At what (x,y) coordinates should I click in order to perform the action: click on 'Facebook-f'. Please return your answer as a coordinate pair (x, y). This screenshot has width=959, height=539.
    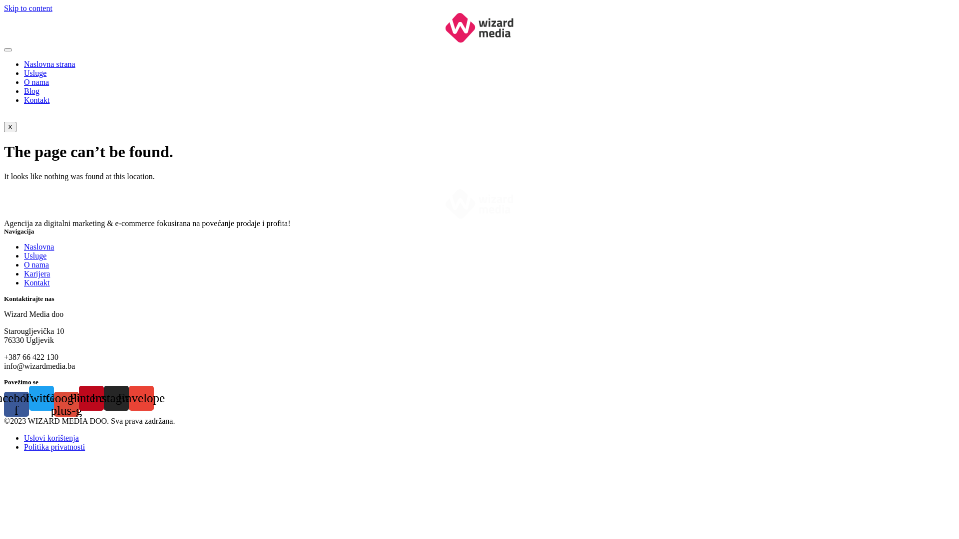
    Looking at the image, I should click on (16, 404).